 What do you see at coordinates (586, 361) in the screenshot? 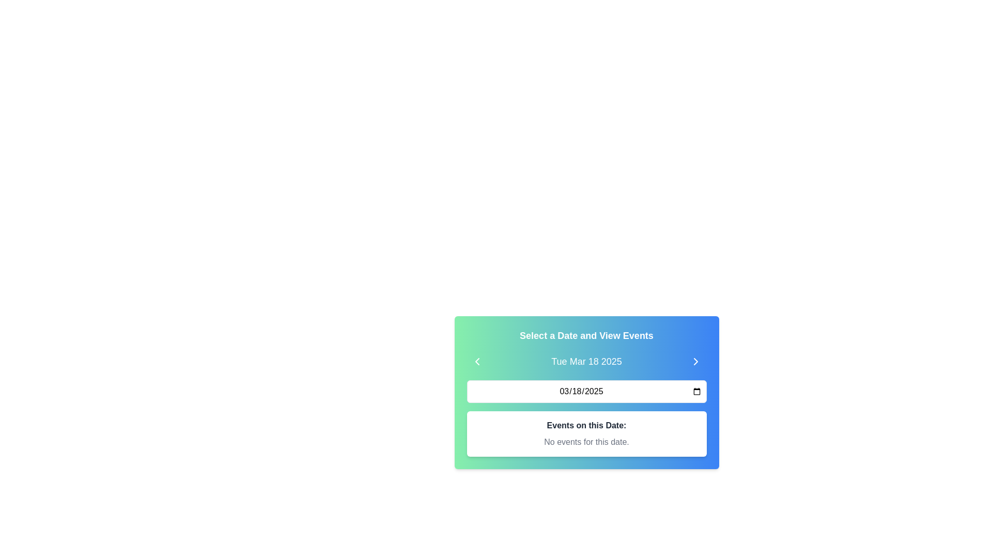
I see `the text label displaying the currently selected date, which is centrally aligned below the title 'Select a Date and View Events' and is part of the date navigation interface` at bounding box center [586, 361].